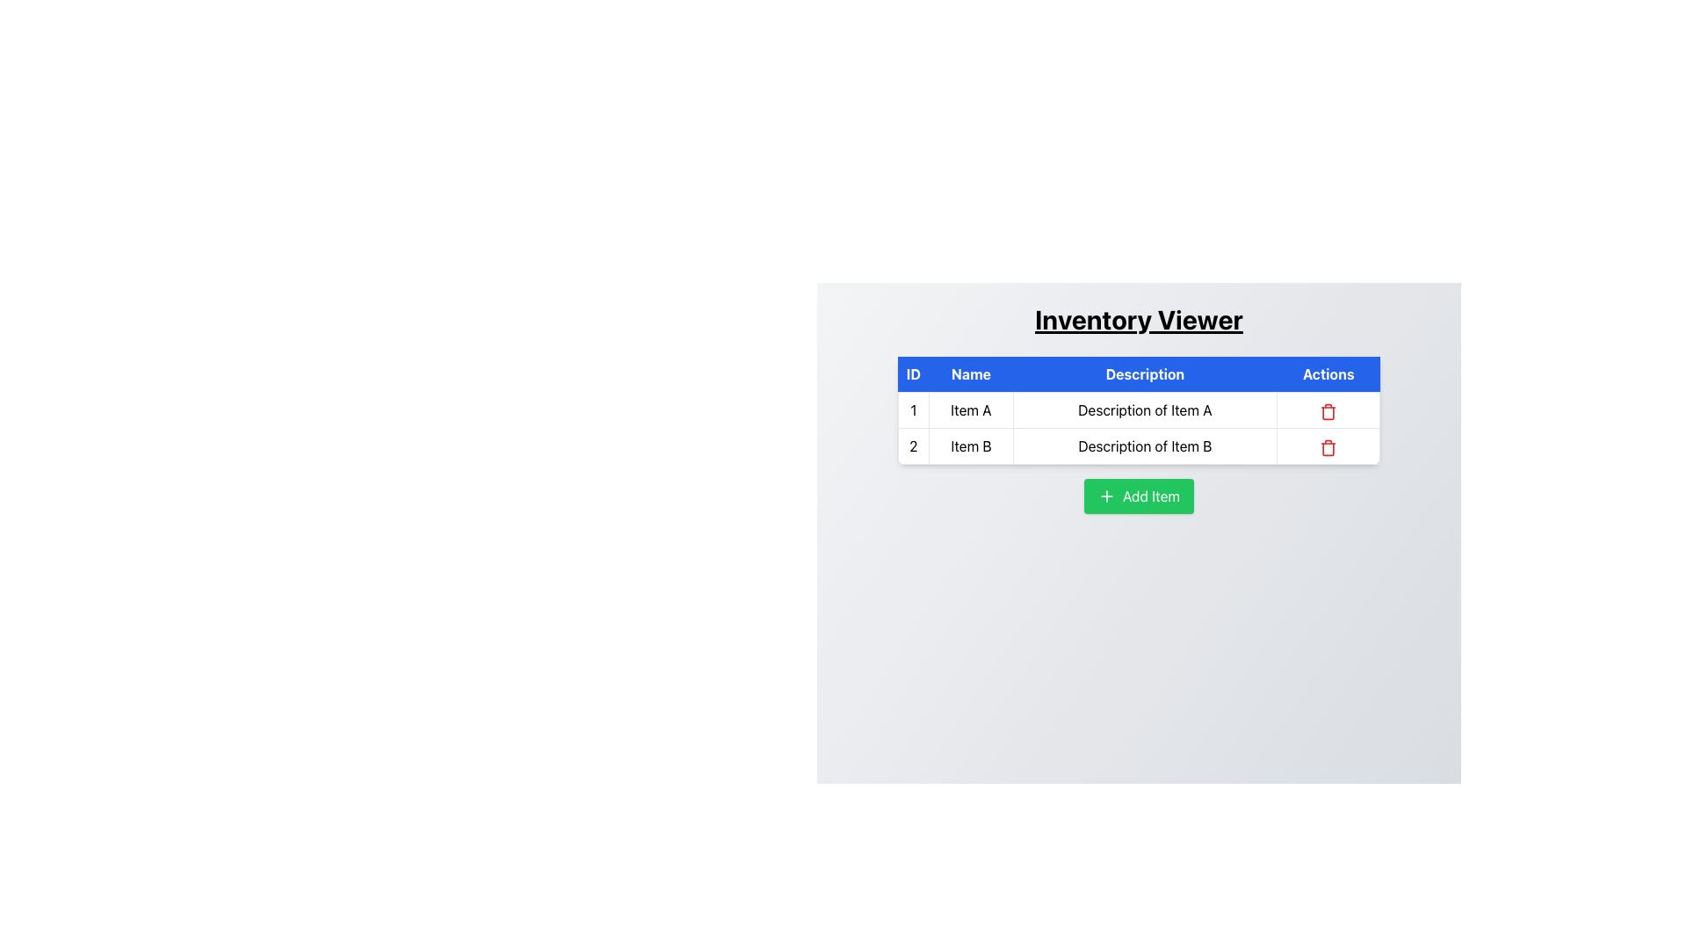 This screenshot has width=1687, height=949. I want to click on static text label displaying the number '1' located in the first column of the first row under the header 'ID', so click(913, 409).